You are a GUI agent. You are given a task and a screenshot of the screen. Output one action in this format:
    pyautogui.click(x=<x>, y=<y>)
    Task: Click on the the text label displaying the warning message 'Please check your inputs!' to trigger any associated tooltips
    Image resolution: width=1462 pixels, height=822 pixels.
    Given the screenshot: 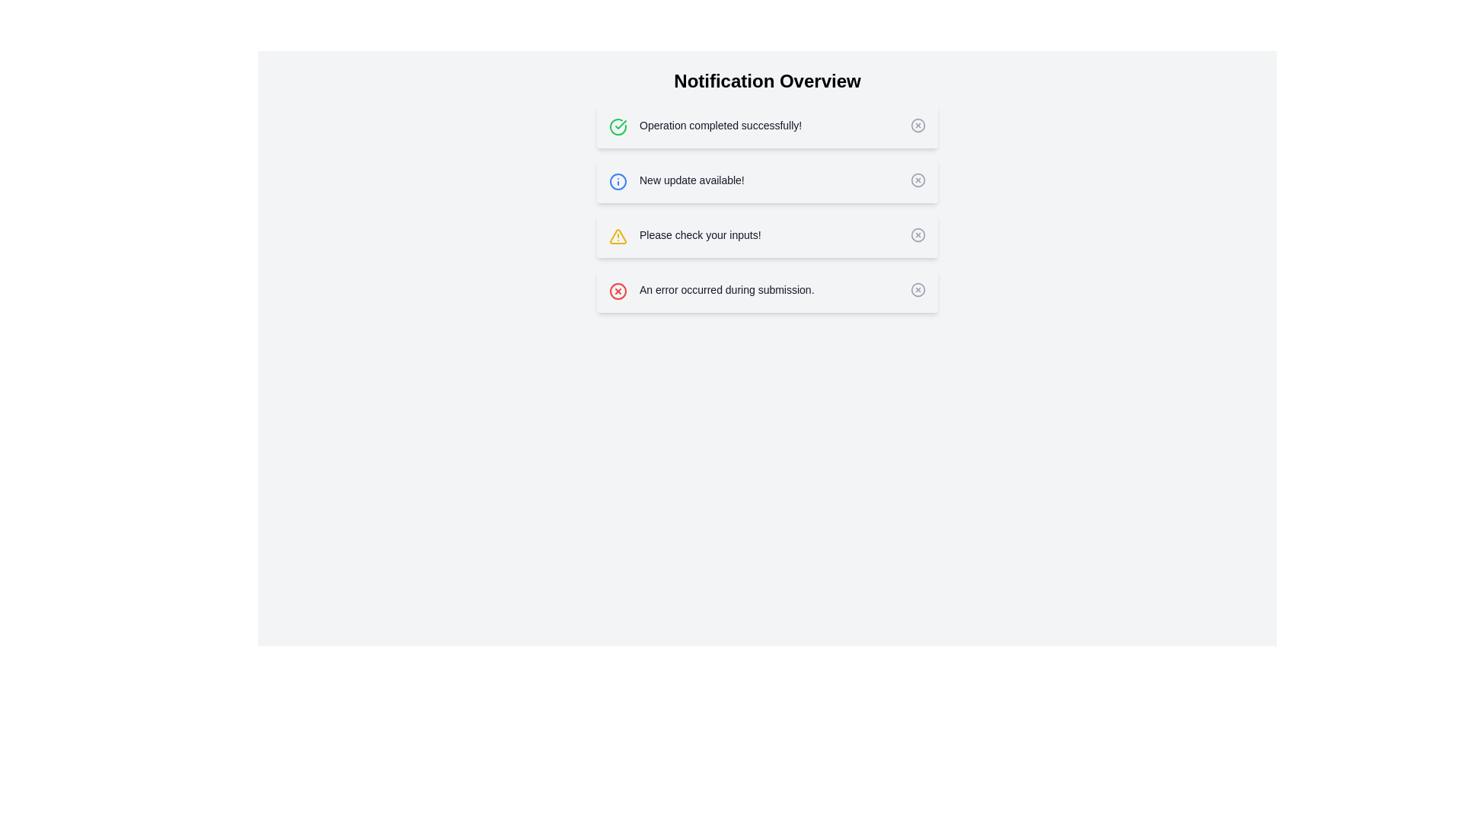 What is the action you would take?
    pyautogui.click(x=699, y=234)
    